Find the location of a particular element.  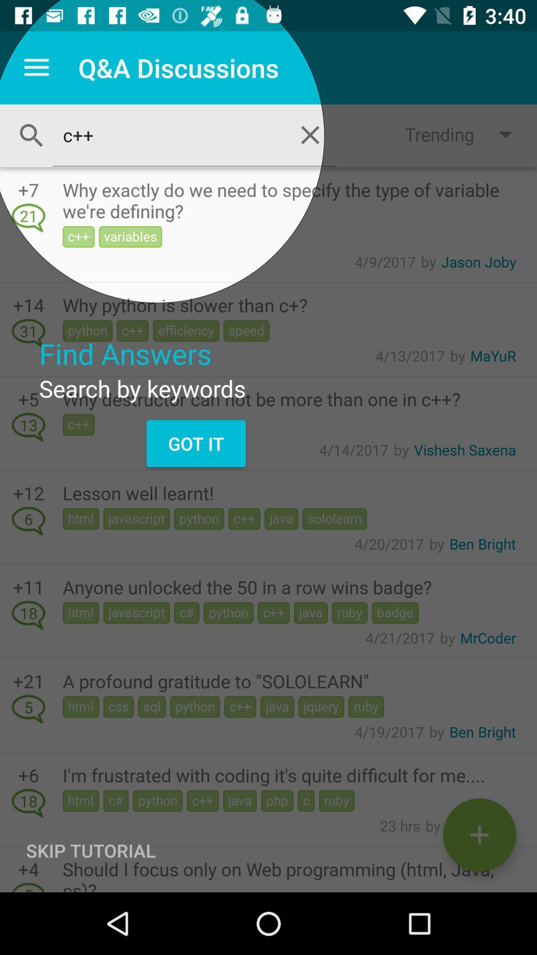

the add icon is located at coordinates (479, 835).